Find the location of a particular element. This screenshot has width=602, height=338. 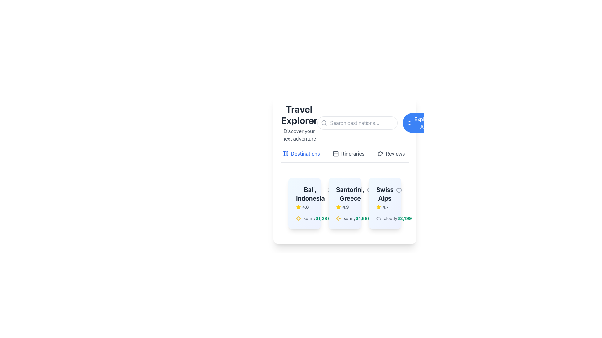

the cloud-shaped icon located in the 'Swiss Alps' card, positioned next to the text 'cloudy $2,199' is located at coordinates (378, 218).